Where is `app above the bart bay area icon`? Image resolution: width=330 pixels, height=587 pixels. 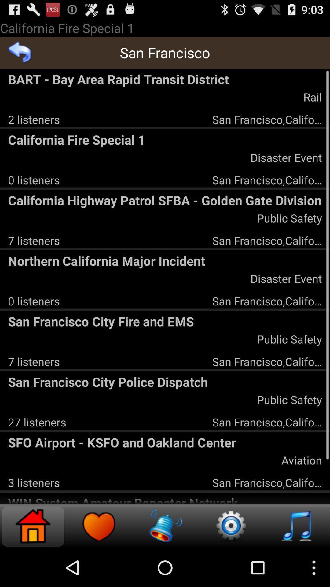 app above the bart bay area icon is located at coordinates (20, 53).